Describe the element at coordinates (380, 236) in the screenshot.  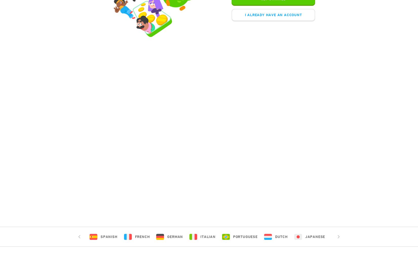
I see `'Czech'` at that location.